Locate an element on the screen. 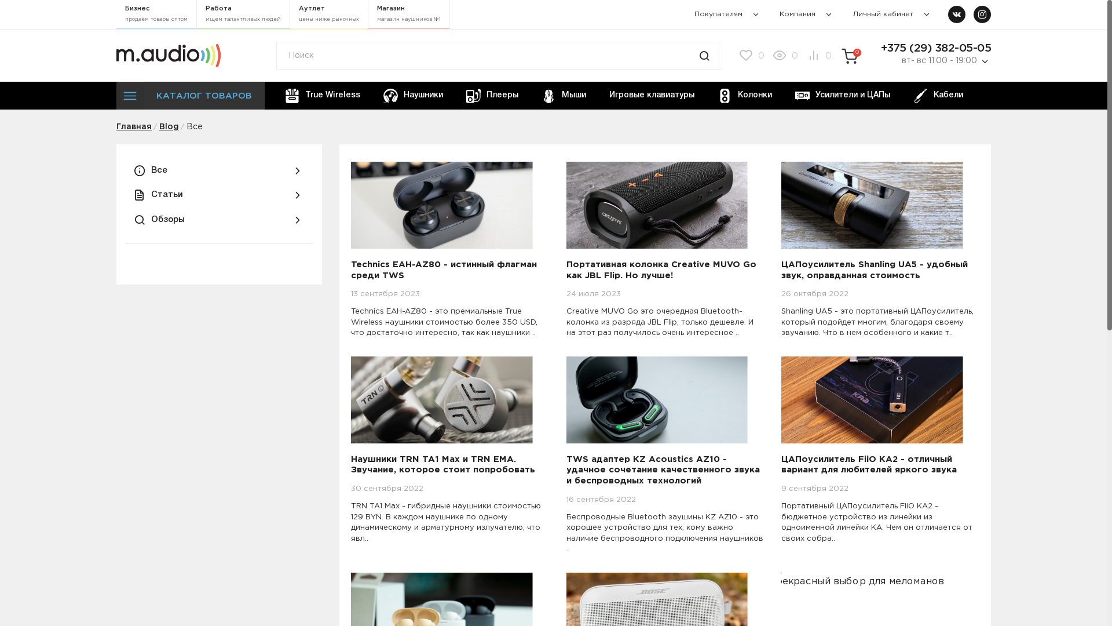 Image resolution: width=1112 pixels, height=626 pixels. '0' is located at coordinates (850, 56).